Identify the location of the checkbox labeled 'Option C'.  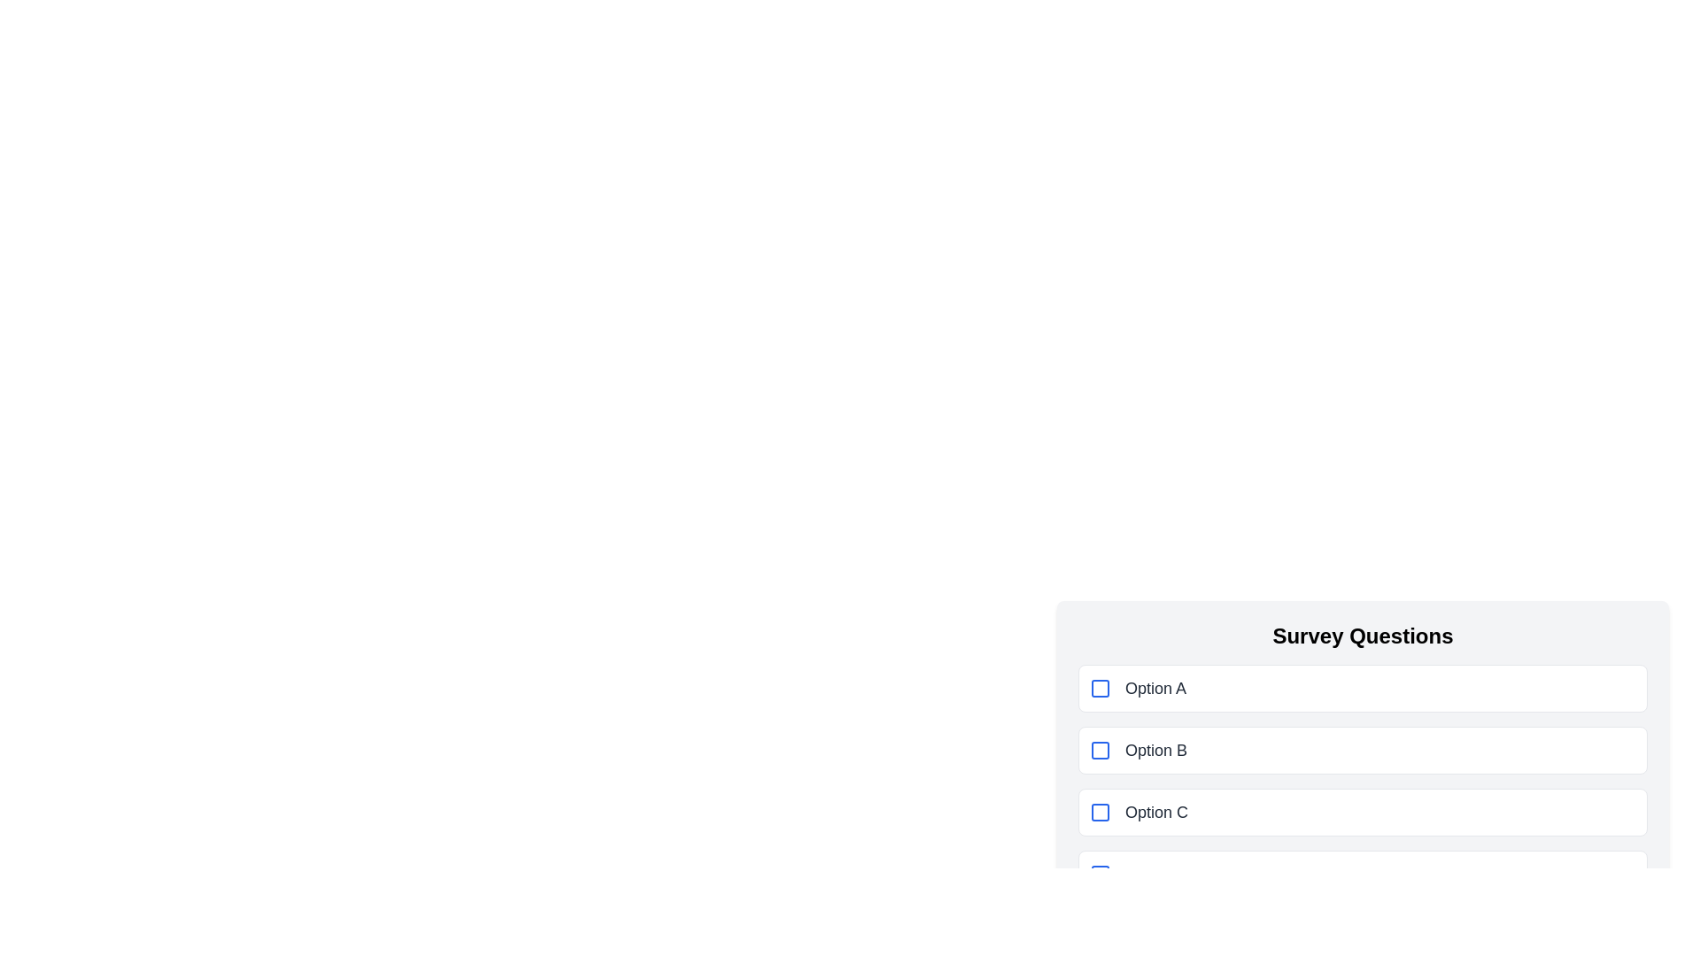
(1362, 813).